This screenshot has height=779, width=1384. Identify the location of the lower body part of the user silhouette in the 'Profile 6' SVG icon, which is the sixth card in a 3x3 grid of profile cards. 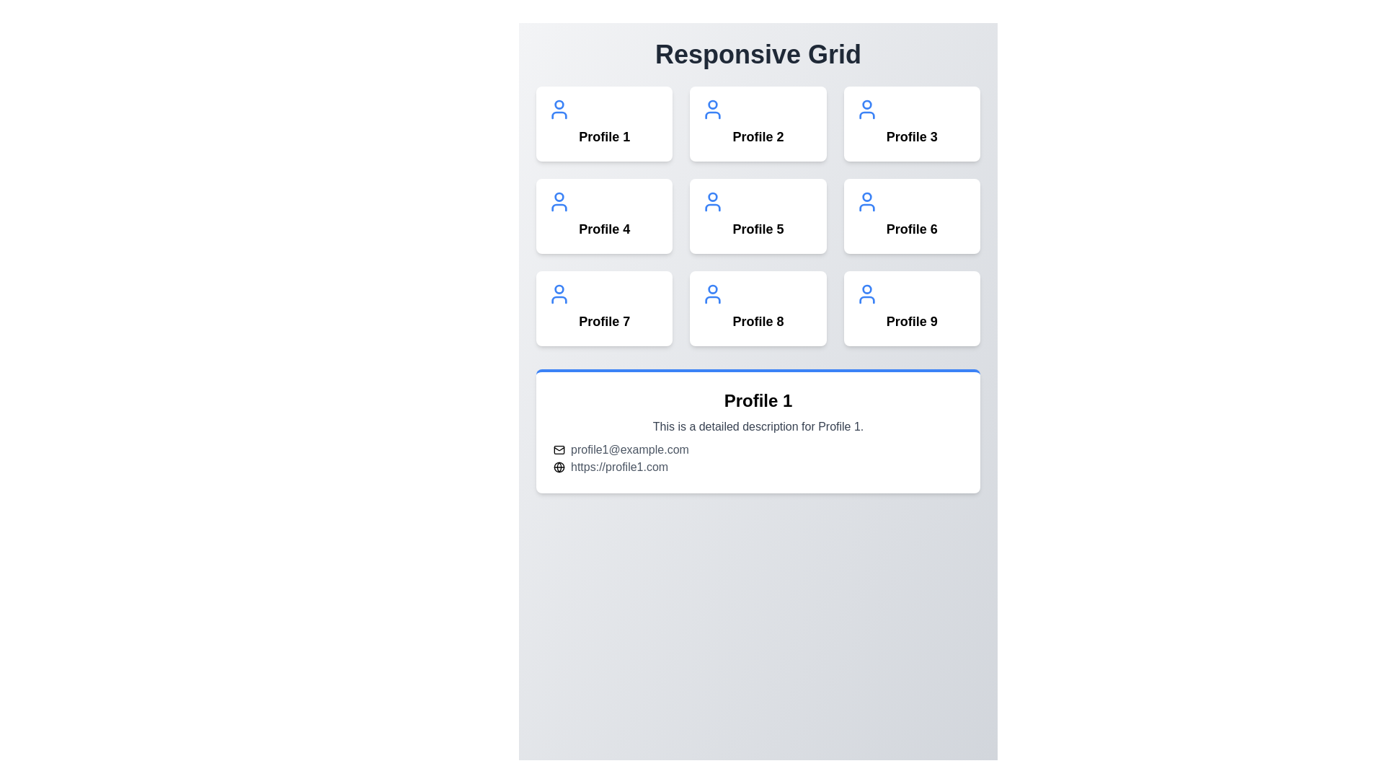
(866, 208).